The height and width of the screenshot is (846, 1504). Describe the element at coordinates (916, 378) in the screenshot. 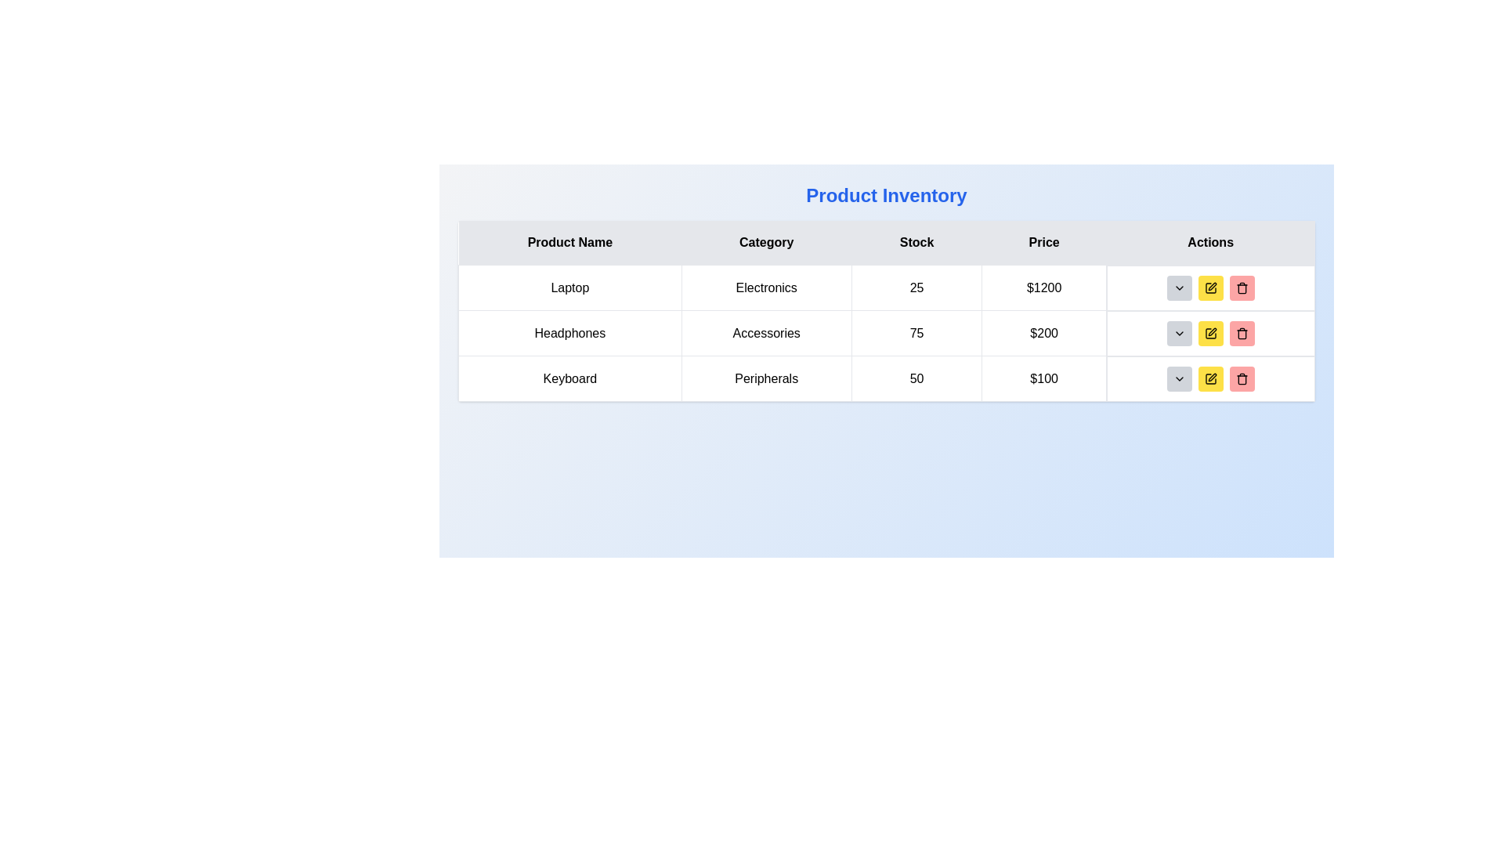

I see `the static text element displaying the number '50' located in the third row and third column of the table layout` at that location.